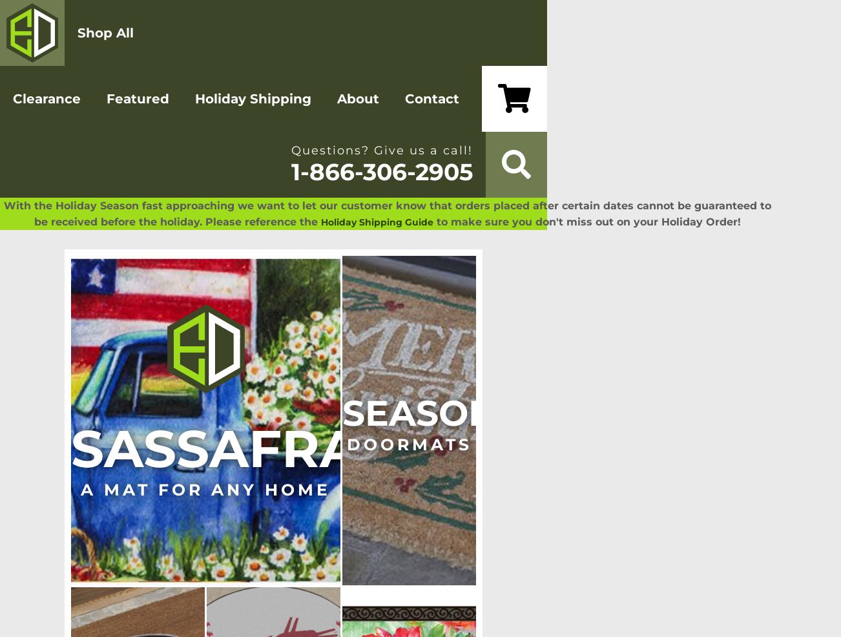 The height and width of the screenshot is (637, 841). What do you see at coordinates (291, 172) in the screenshot?
I see `'1-866-306-2905'` at bounding box center [291, 172].